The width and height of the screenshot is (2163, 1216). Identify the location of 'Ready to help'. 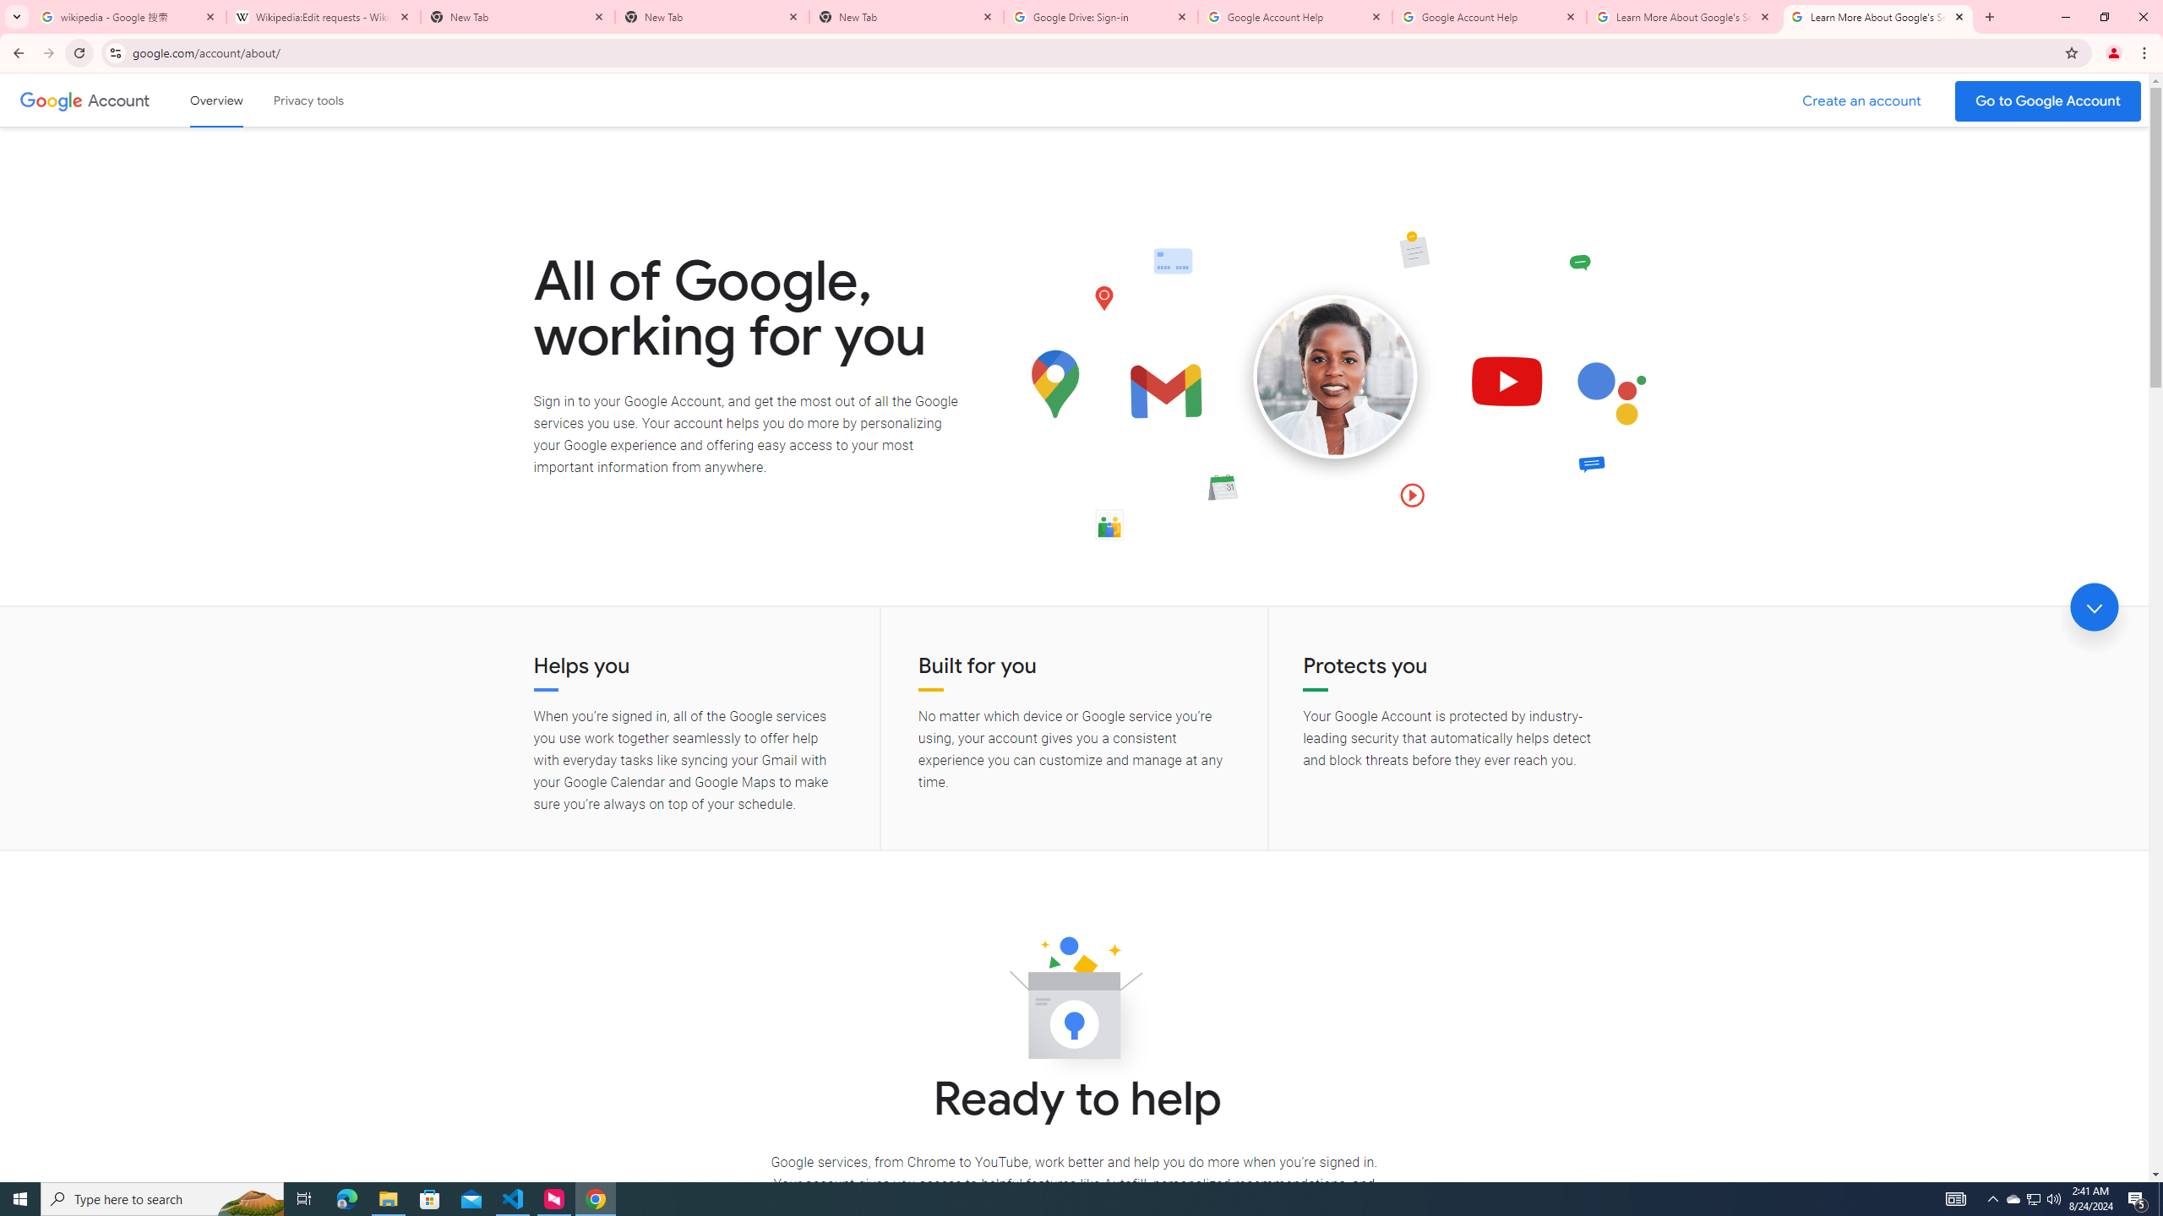
(1074, 1002).